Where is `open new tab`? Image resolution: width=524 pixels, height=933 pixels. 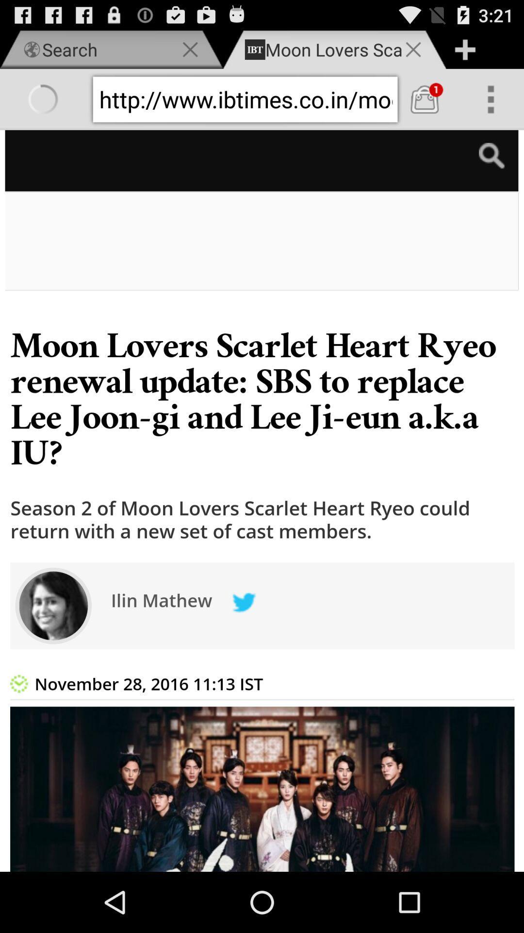 open new tab is located at coordinates (464, 49).